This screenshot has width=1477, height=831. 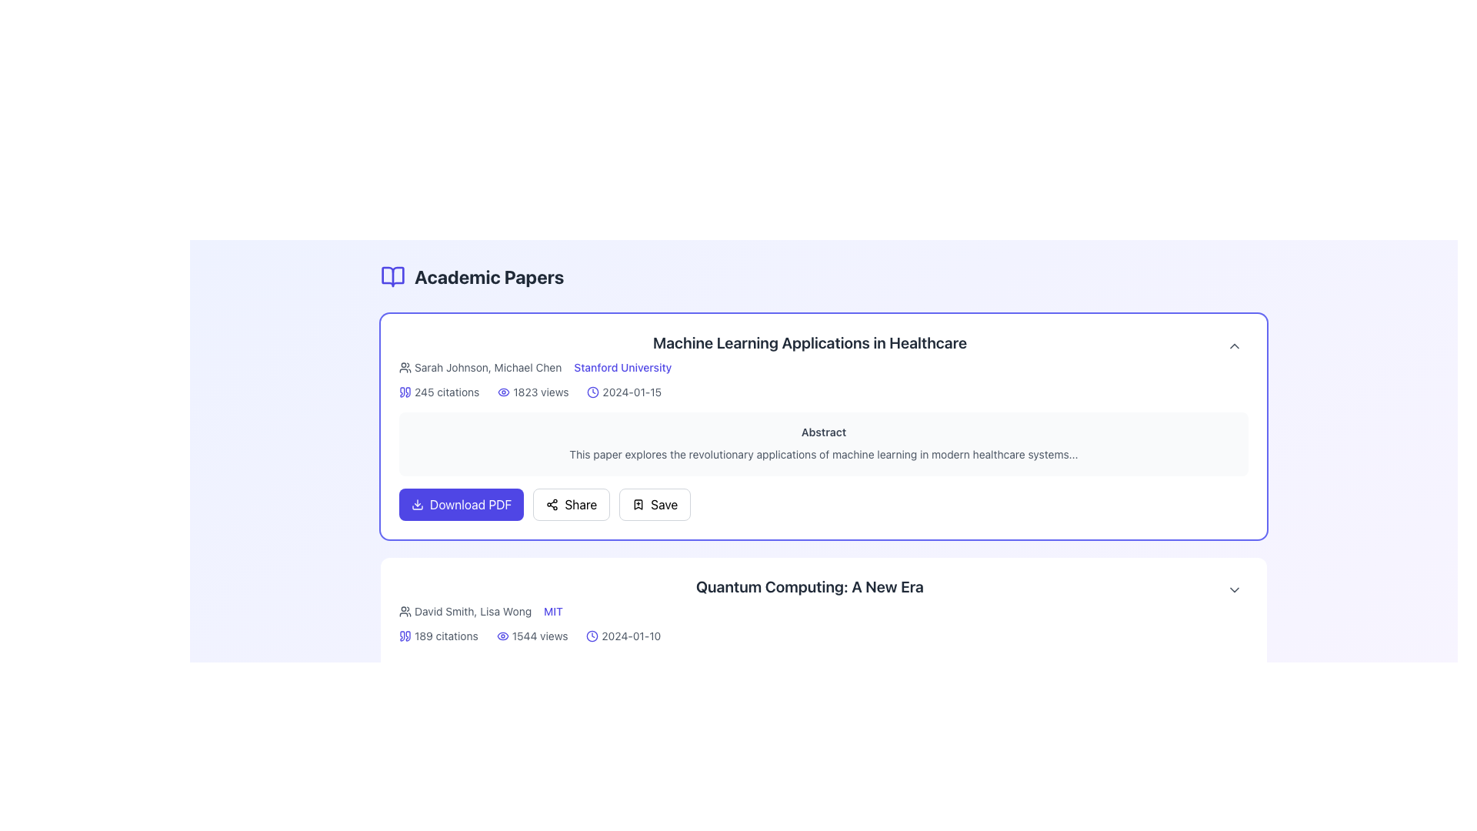 What do you see at coordinates (461, 504) in the screenshot?
I see `the 'Download PDF' button, which is the first button among three buttons at the bottom-left corner of the card titled 'Machine Learning Applications in Healthcare'` at bounding box center [461, 504].